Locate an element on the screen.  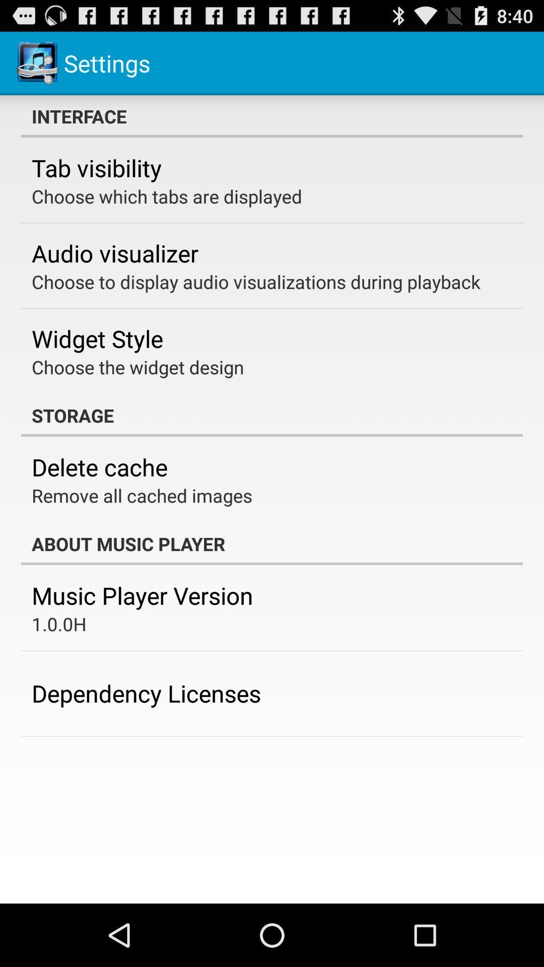
the app at the bottom left corner is located at coordinates (146, 693).